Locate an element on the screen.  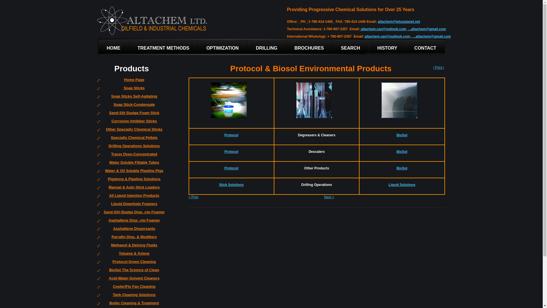
'All Liquid Injection Products' is located at coordinates (131, 197).